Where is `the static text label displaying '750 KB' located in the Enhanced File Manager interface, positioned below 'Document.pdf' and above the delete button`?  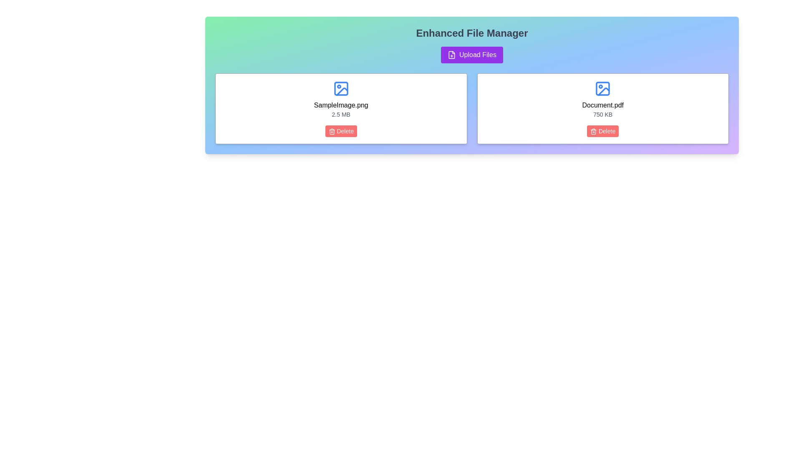 the static text label displaying '750 KB' located in the Enhanced File Manager interface, positioned below 'Document.pdf' and above the delete button is located at coordinates (603, 114).